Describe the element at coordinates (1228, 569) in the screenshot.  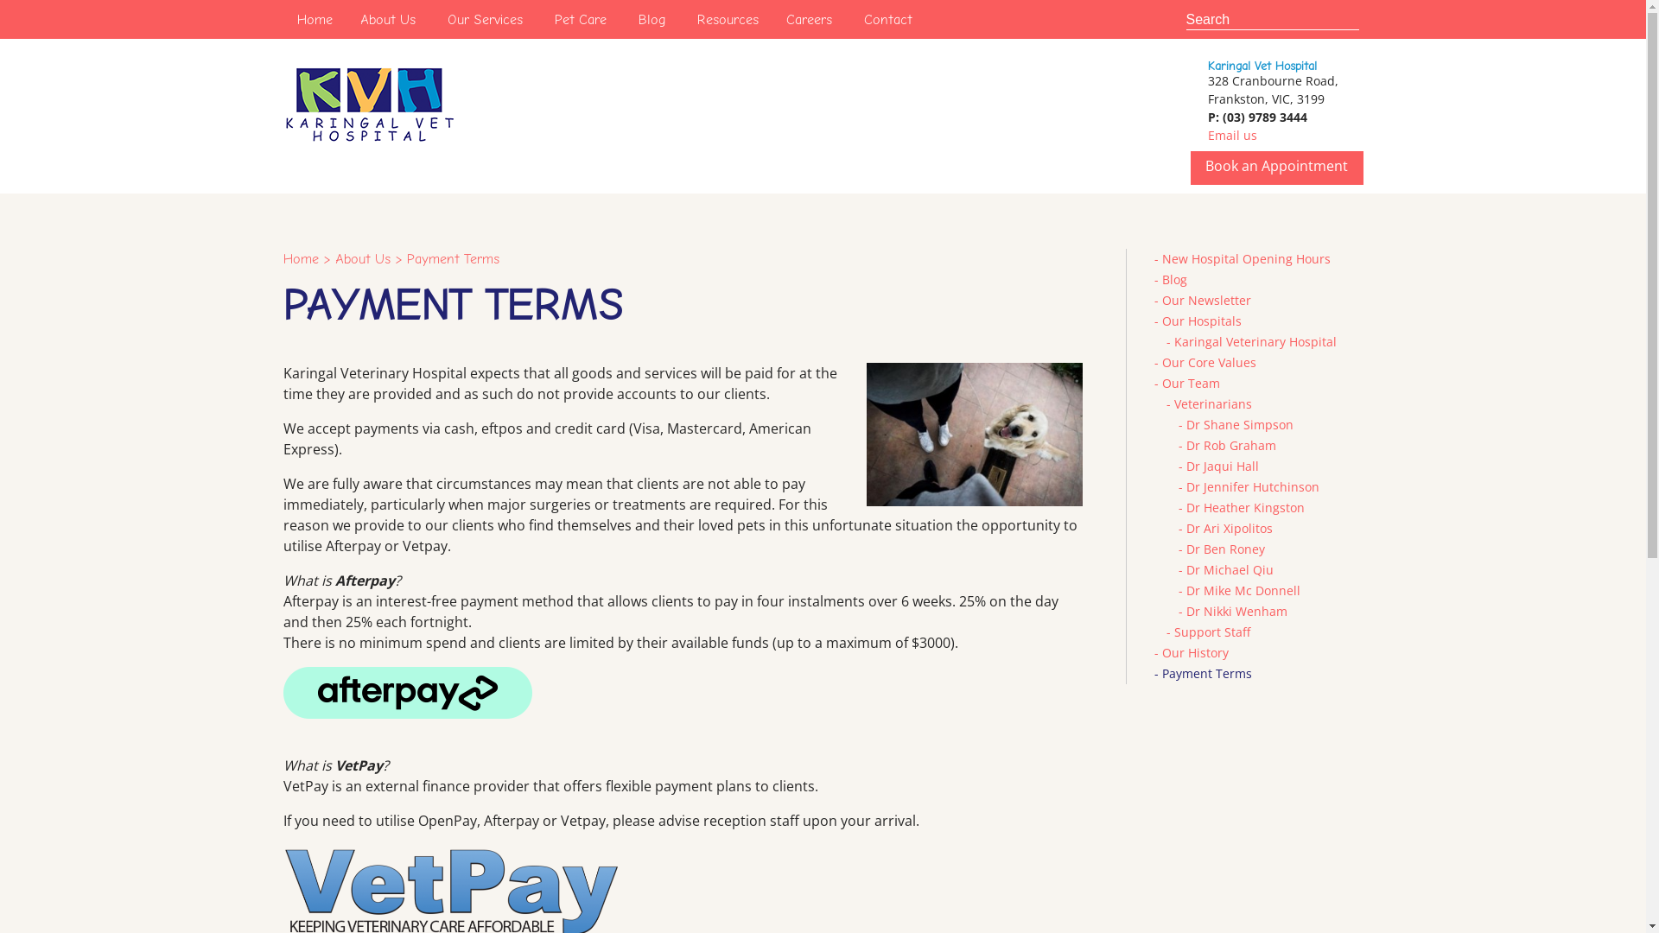
I see `'Dr Michael Qiu'` at that location.